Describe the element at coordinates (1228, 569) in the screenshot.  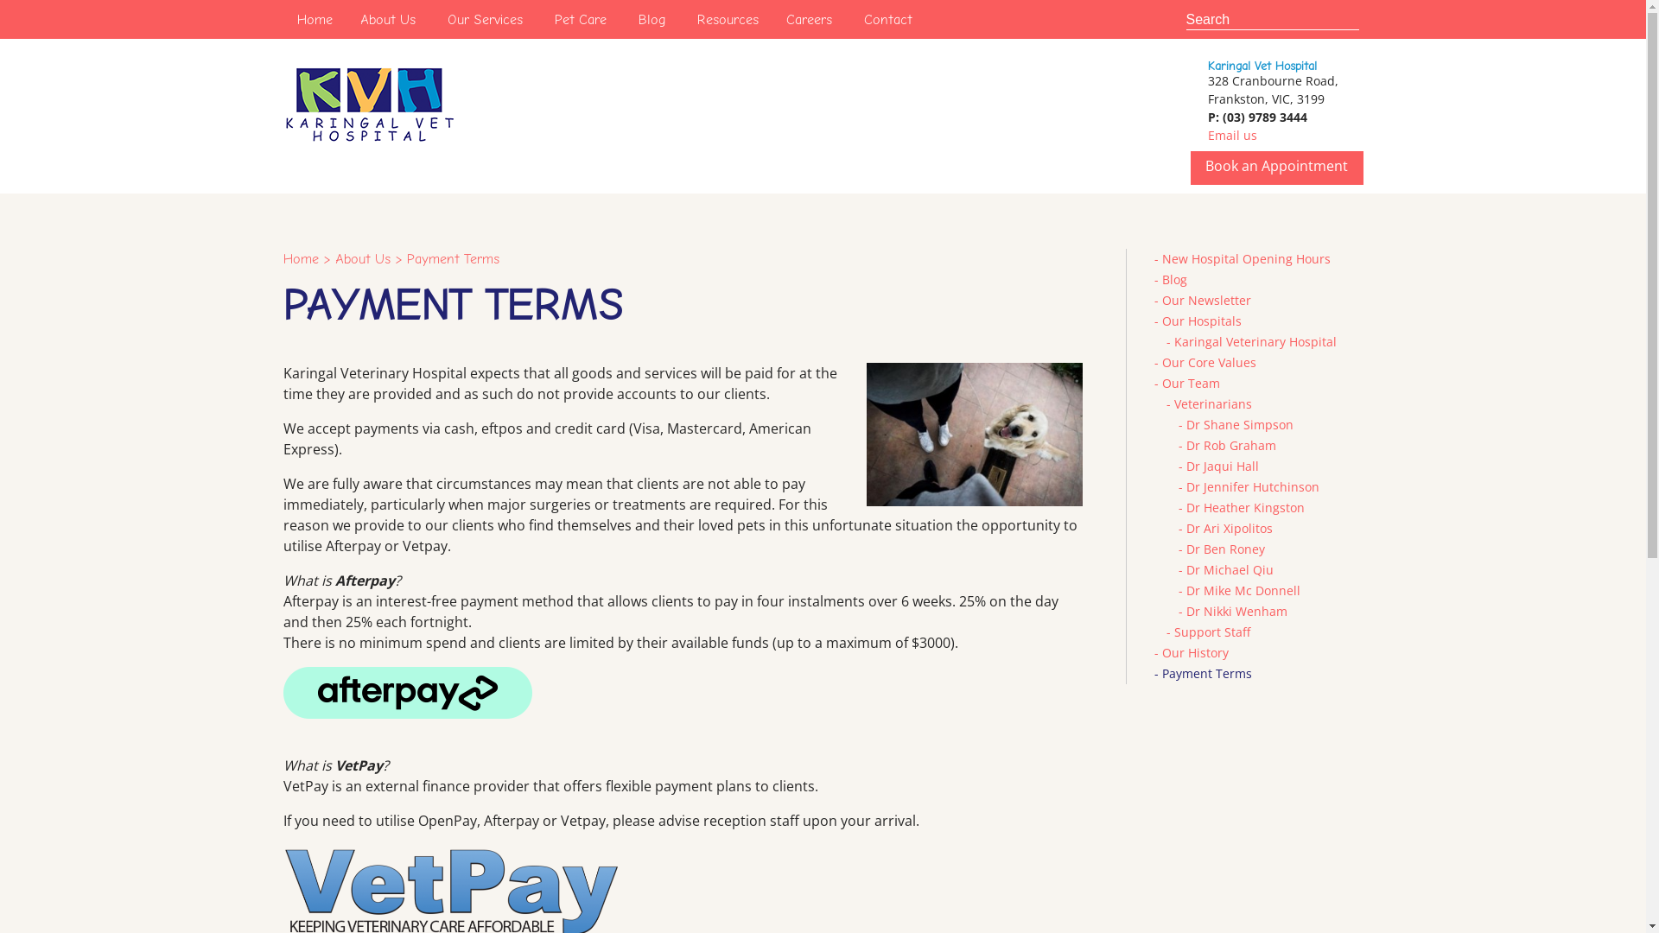
I see `'Dr Michael Qiu'` at that location.